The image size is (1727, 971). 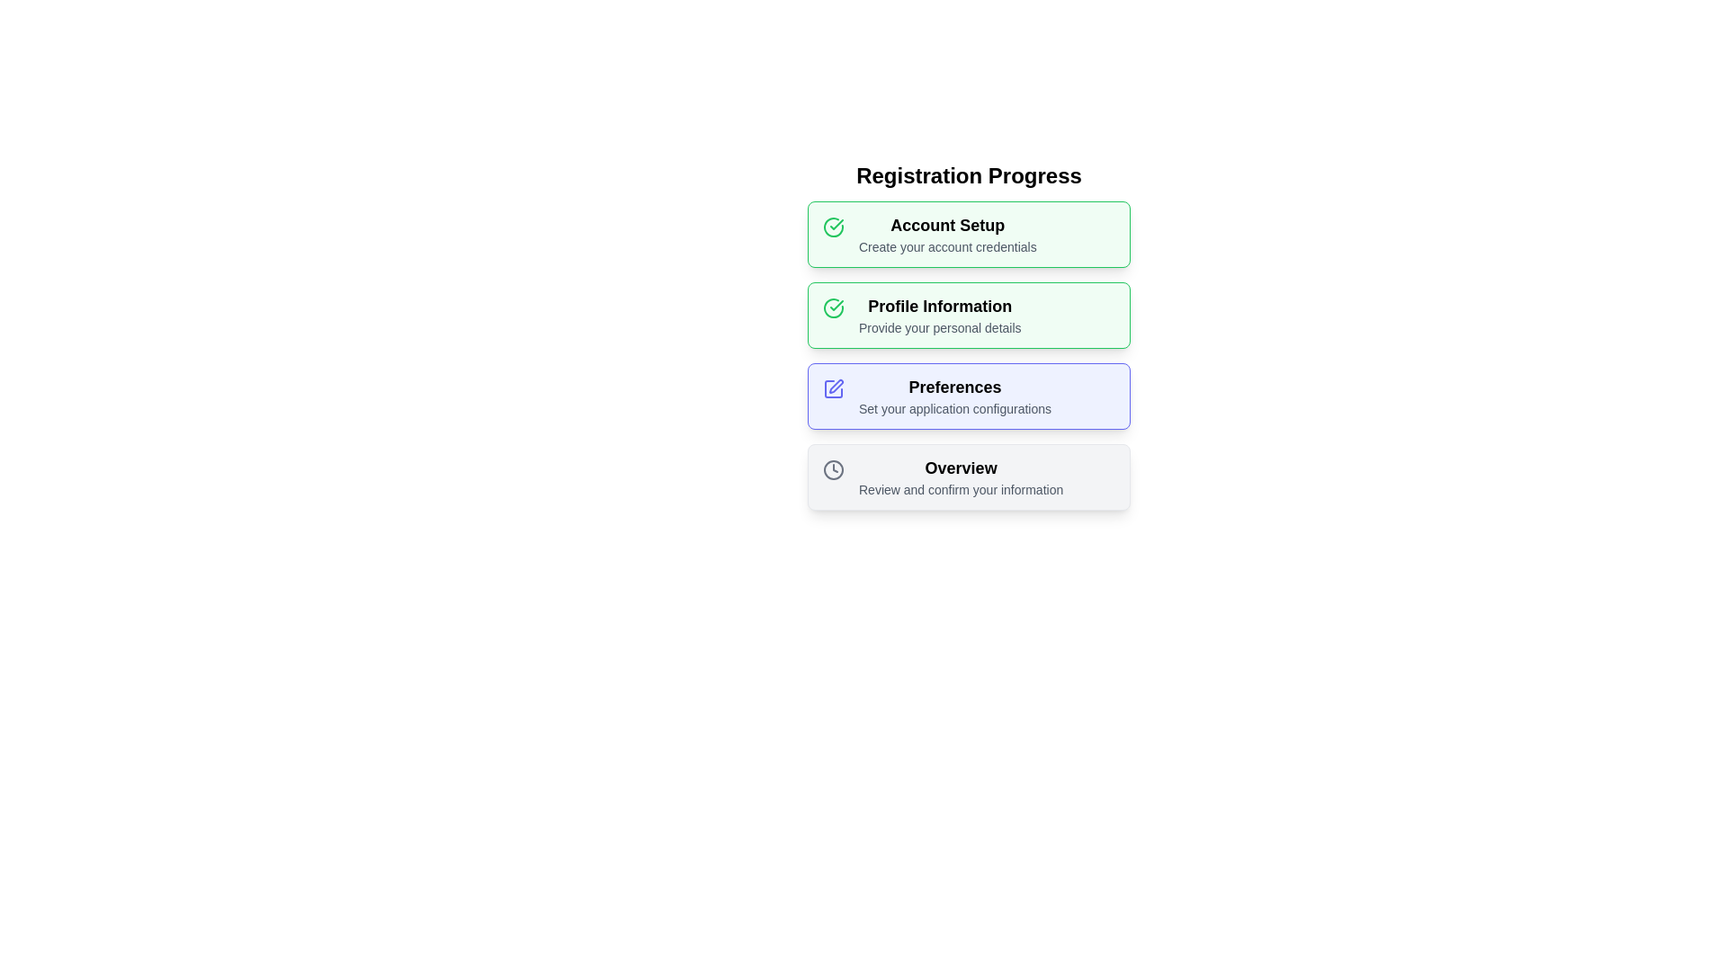 I want to click on the 'Preferences' icon, which serves as a visual marker for configuration or customization features and is located in the top-left corner inside the 'Preferences' button, so click(x=832, y=387).